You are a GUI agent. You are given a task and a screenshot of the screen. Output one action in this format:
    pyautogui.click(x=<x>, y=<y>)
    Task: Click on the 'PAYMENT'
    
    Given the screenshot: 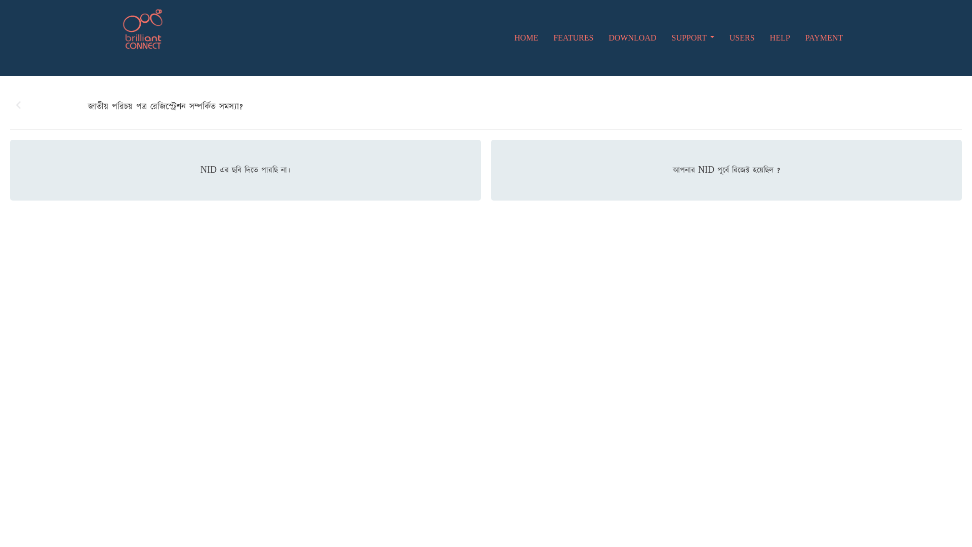 What is the action you would take?
    pyautogui.click(x=824, y=37)
    